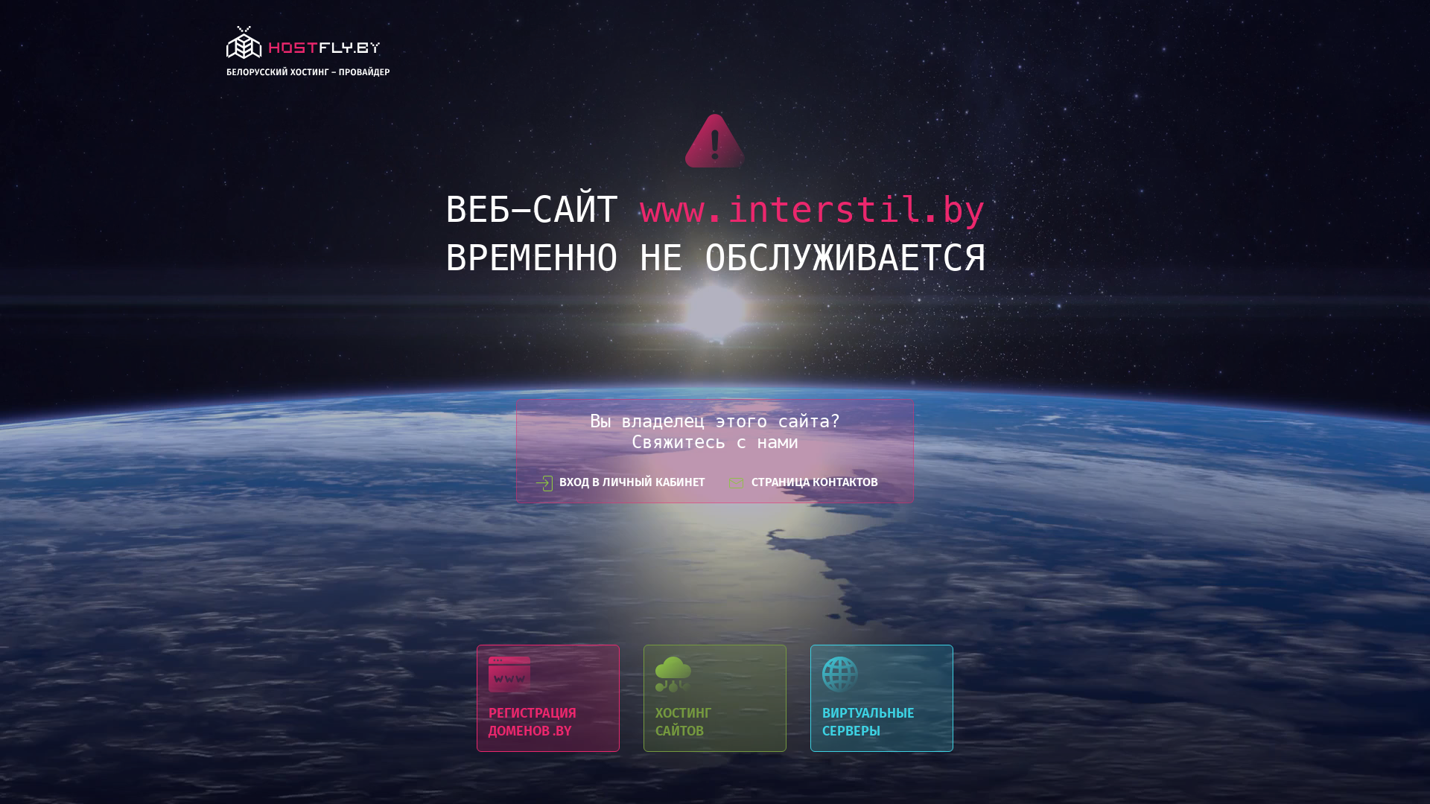 The width and height of the screenshot is (1430, 804). What do you see at coordinates (307, 54) in the screenshot?
I see `'LINK'` at bounding box center [307, 54].